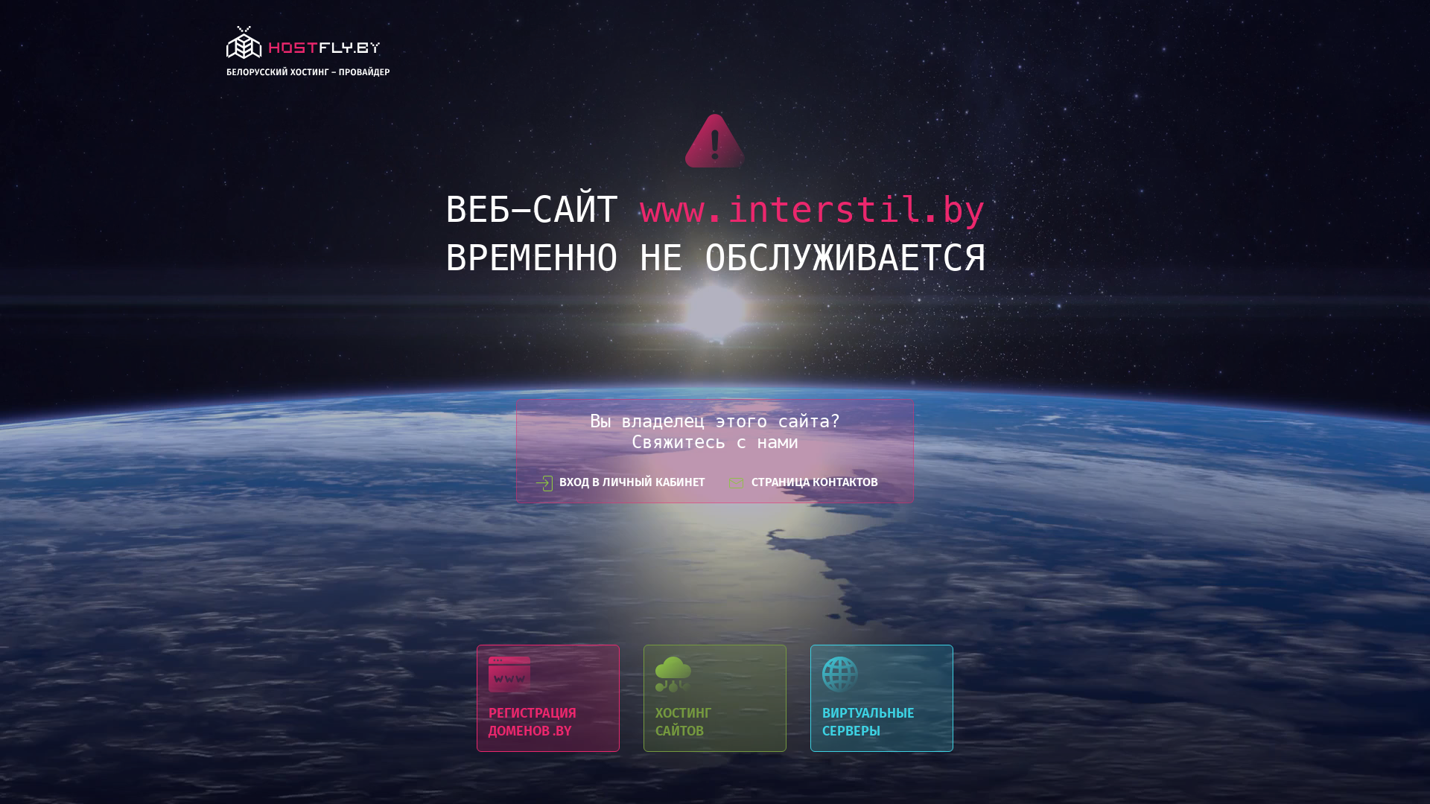 The width and height of the screenshot is (1430, 804). What do you see at coordinates (307, 54) in the screenshot?
I see `'LINK'` at bounding box center [307, 54].